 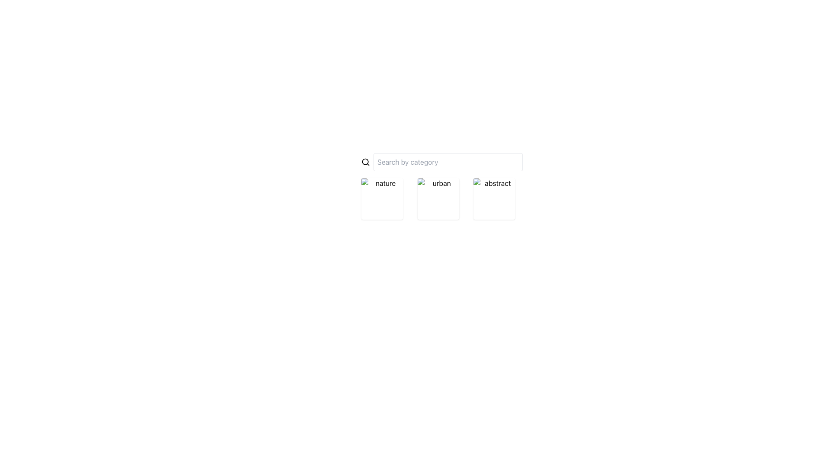 I want to click on the inner circle of the search icon located to the left of the 'Search by category' input field, so click(x=365, y=162).